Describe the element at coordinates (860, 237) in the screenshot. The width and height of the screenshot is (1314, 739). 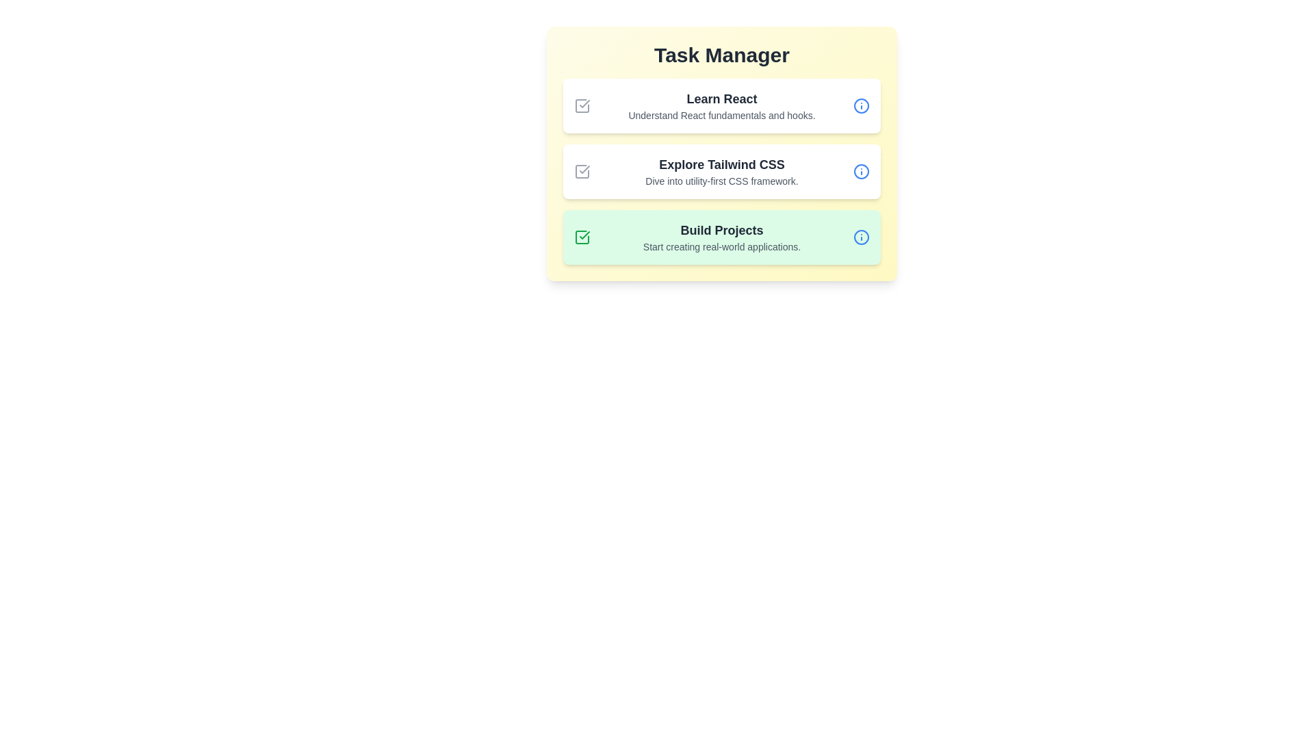
I see `the info icon for the task titled 'Build Projects'` at that location.